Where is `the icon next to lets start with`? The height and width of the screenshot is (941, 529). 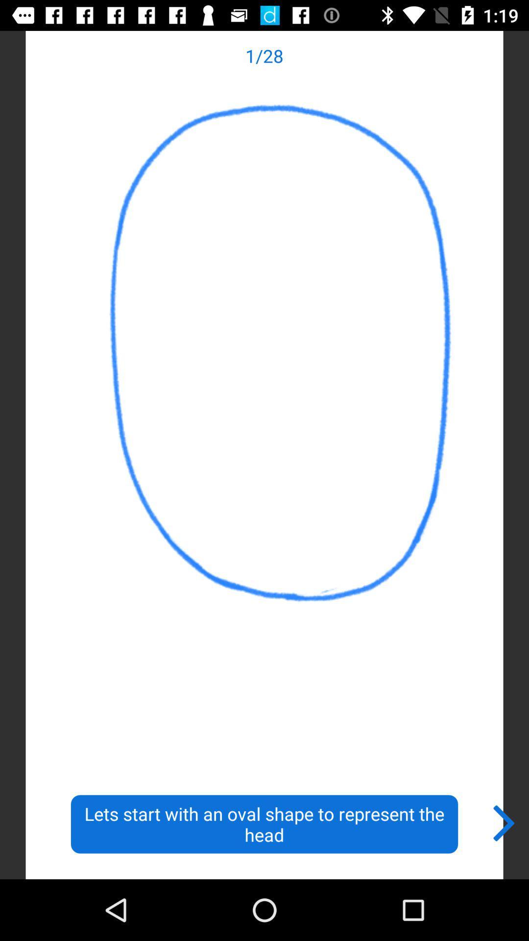
the icon next to lets start with is located at coordinates (505, 821).